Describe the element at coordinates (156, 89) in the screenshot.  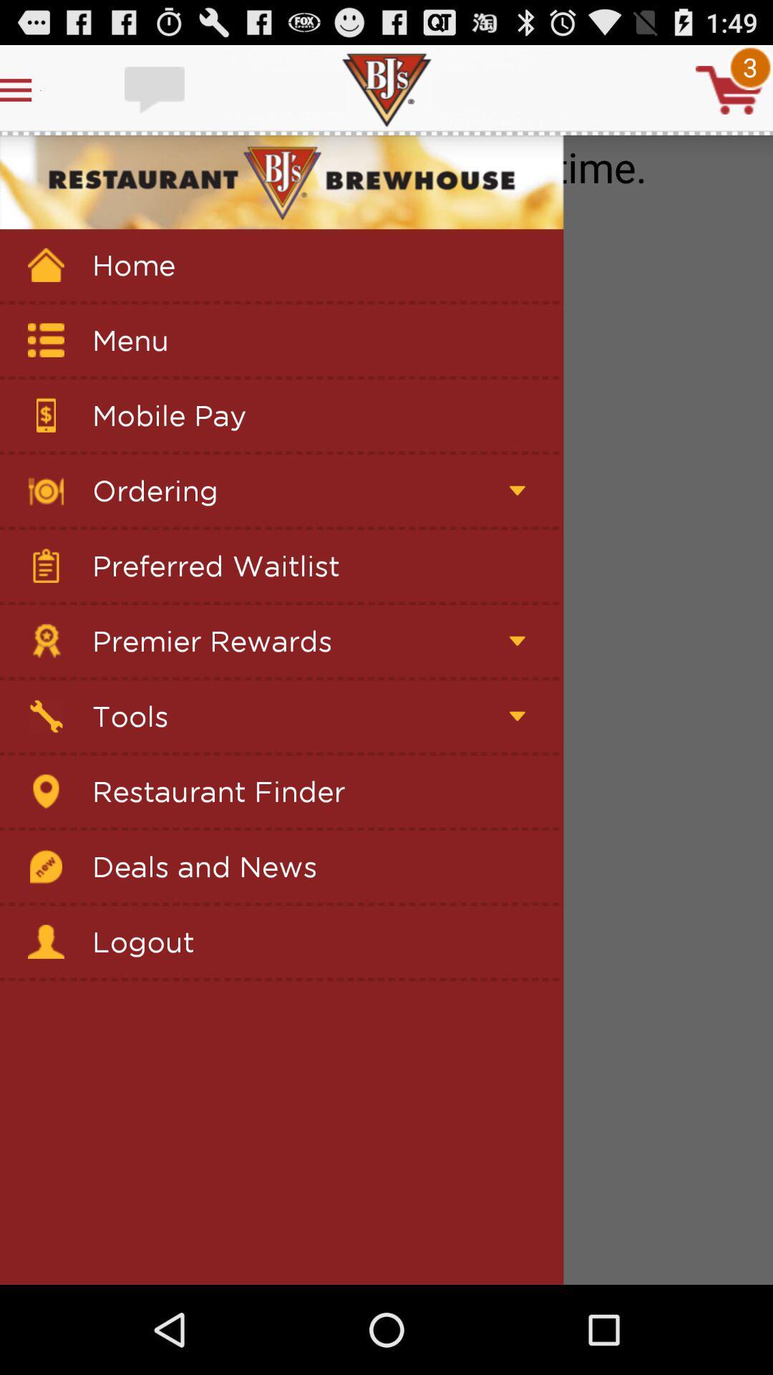
I see `input text` at that location.